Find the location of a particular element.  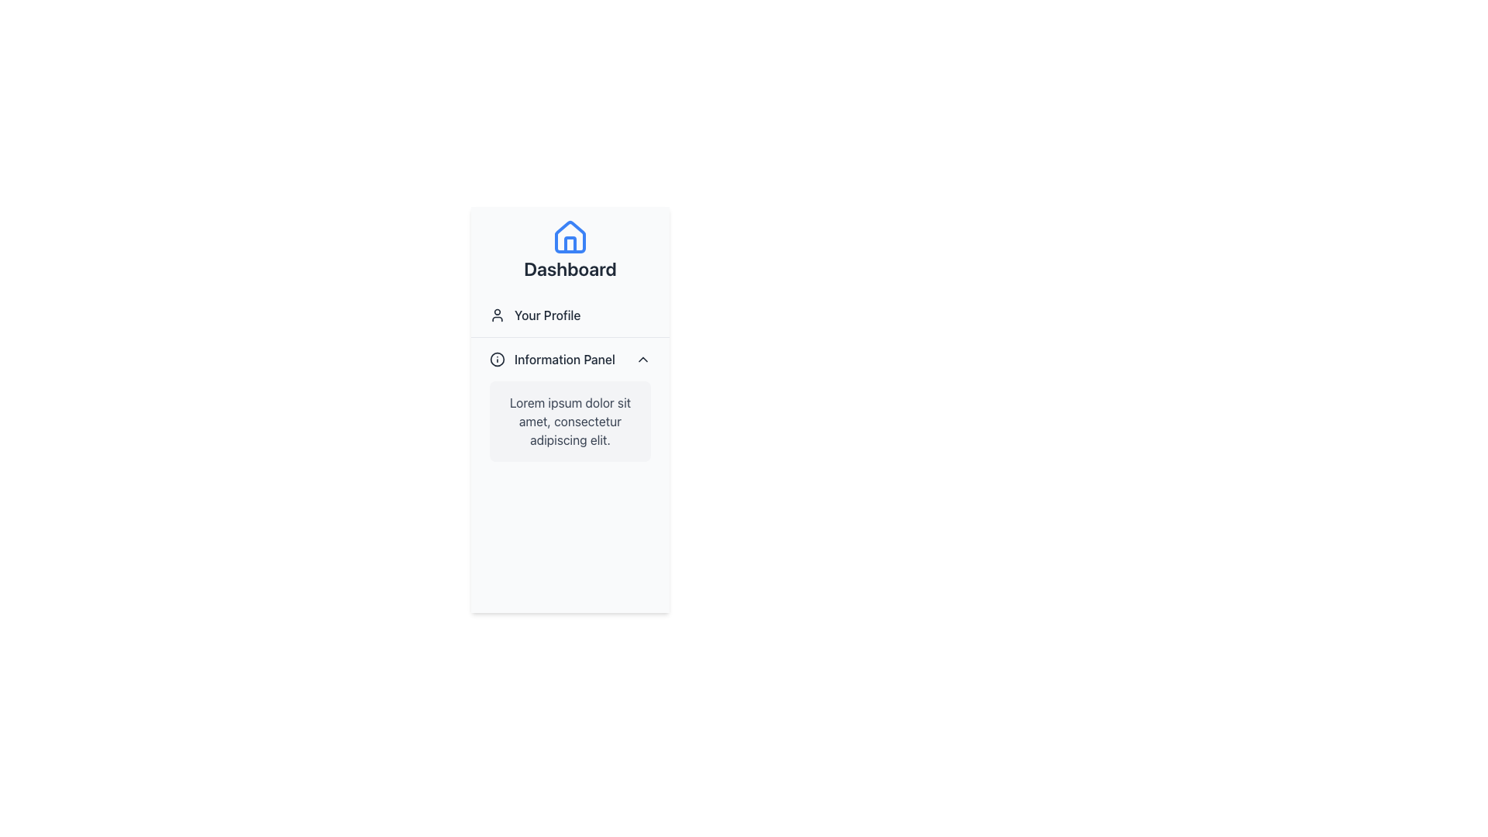

the text label that serves as a heading or label for the section, located centrally below a house icon is located at coordinates (569, 268).